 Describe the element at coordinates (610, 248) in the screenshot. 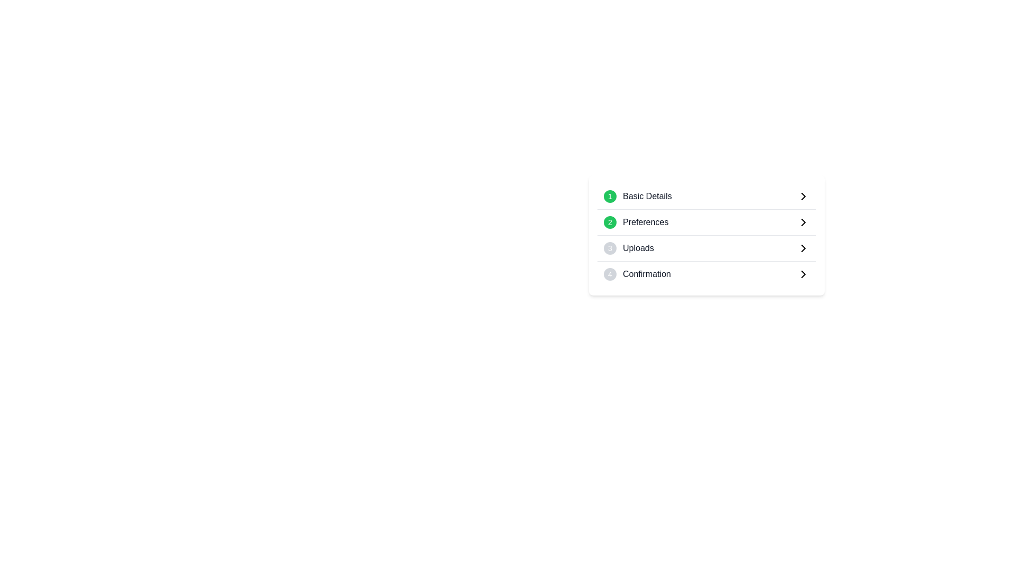

I see `the status indicator badge for the 'Uploads' process, which is located to the left of the 'Uploads' text` at that location.